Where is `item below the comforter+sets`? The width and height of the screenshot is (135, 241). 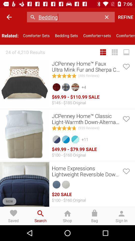 item below the comforter+sets is located at coordinates (103, 52).